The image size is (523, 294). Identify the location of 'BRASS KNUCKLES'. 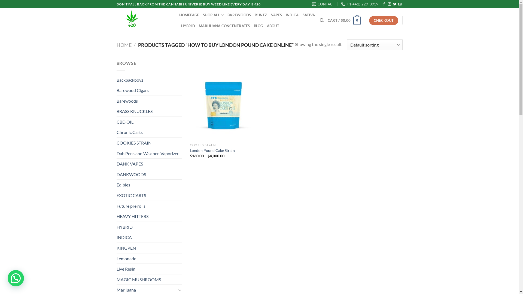
(149, 111).